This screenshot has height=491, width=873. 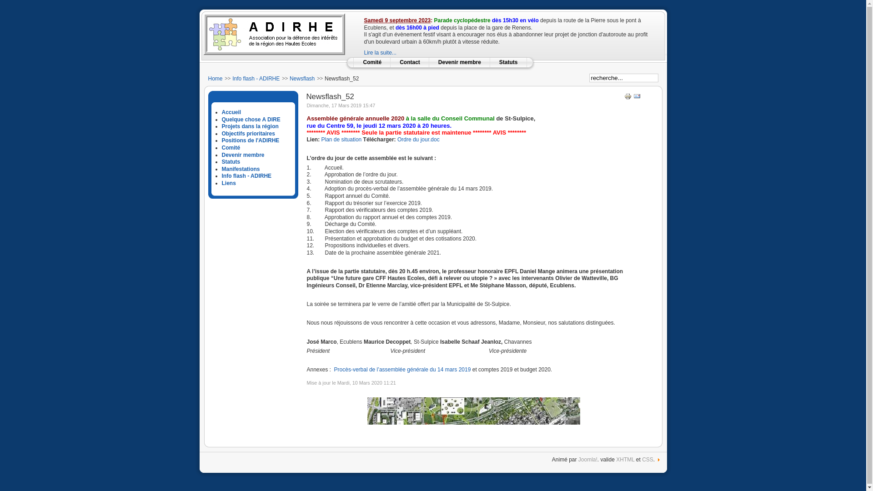 What do you see at coordinates (632, 98) in the screenshot?
I see `'Envoyer'` at bounding box center [632, 98].